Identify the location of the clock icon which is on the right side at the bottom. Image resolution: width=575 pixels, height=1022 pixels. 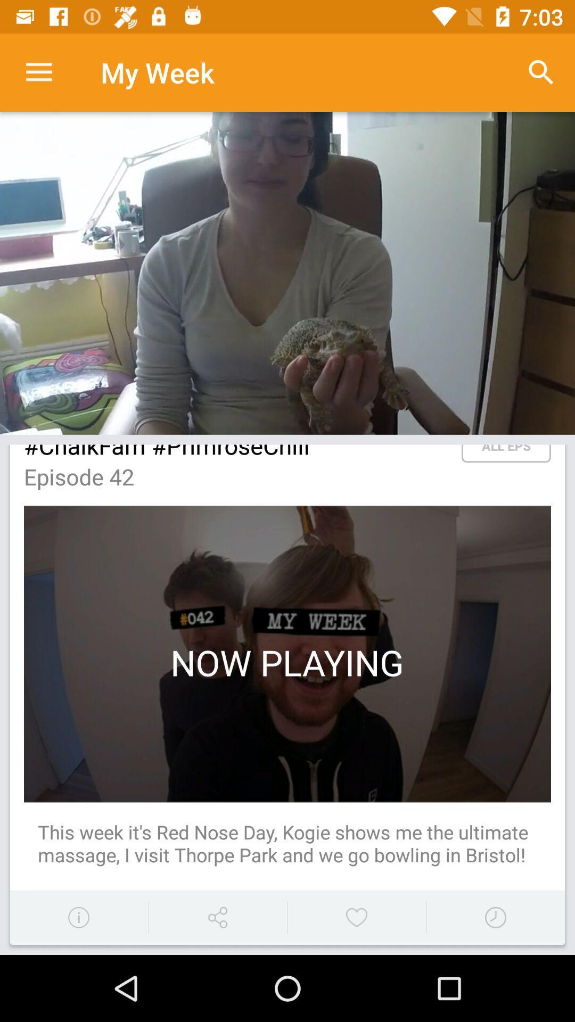
(495, 917).